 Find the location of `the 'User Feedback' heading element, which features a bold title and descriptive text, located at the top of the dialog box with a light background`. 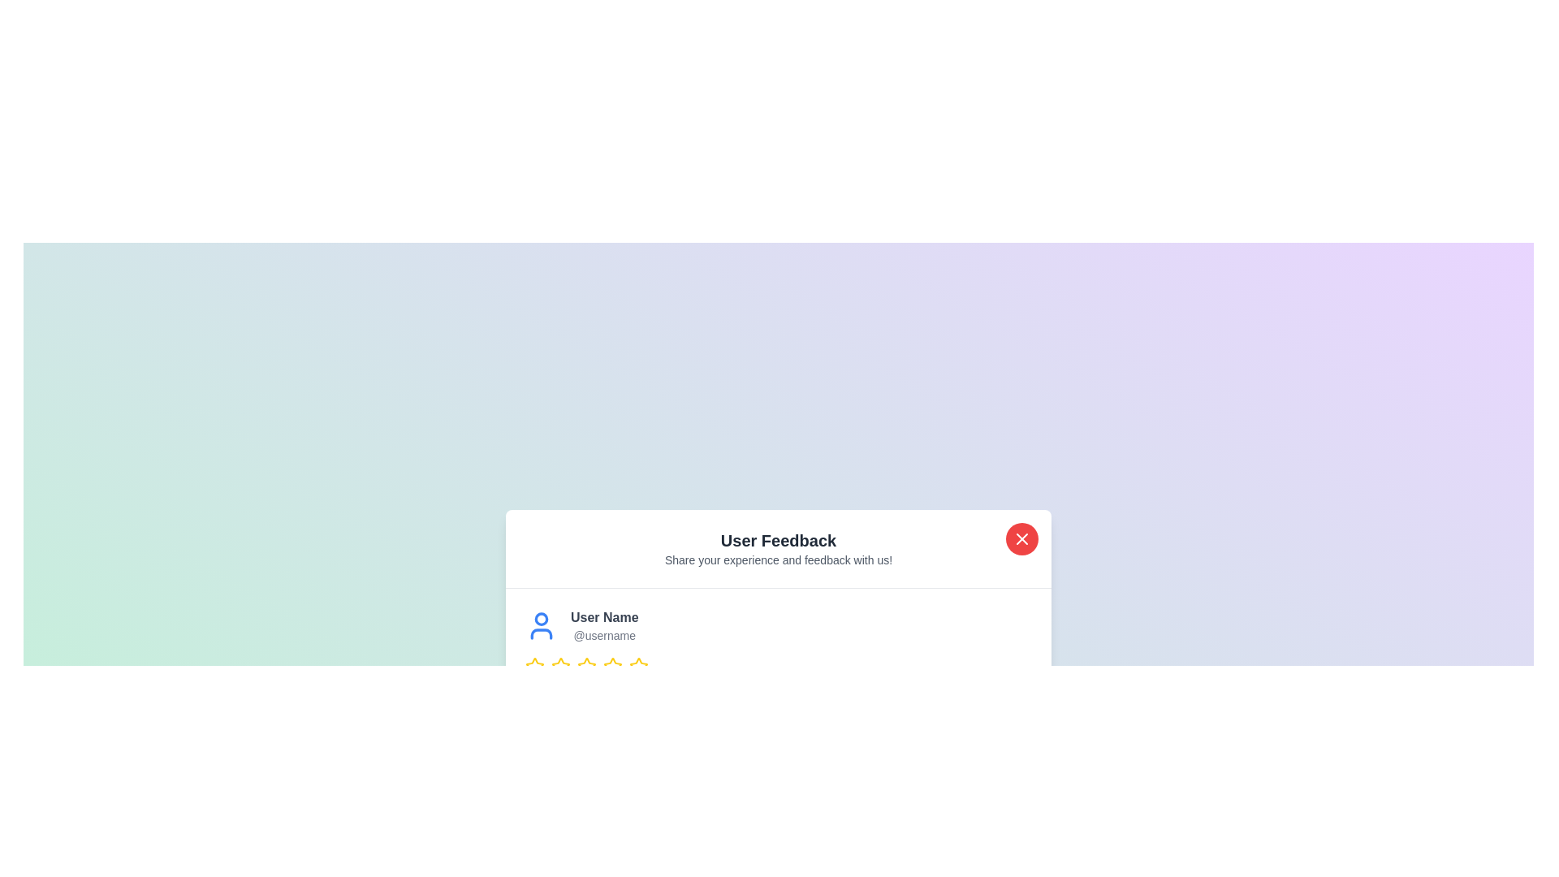

the 'User Feedback' heading element, which features a bold title and descriptive text, located at the top of the dialog box with a light background is located at coordinates (778, 548).